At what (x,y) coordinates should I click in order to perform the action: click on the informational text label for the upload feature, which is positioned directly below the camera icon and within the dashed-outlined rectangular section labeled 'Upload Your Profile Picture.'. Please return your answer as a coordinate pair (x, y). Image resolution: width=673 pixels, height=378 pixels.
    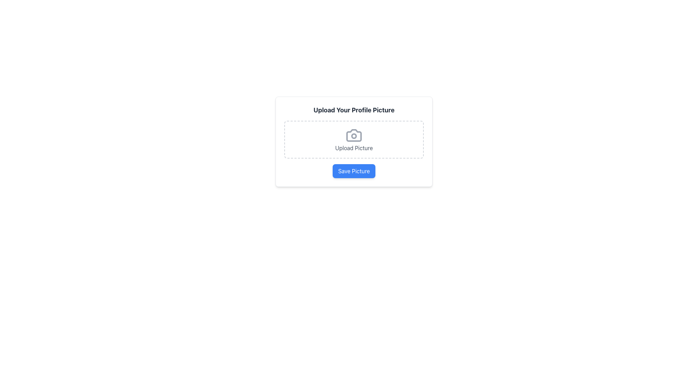
    Looking at the image, I should click on (354, 148).